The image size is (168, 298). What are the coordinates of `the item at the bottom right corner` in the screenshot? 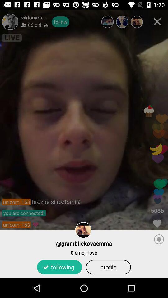 It's located at (159, 239).